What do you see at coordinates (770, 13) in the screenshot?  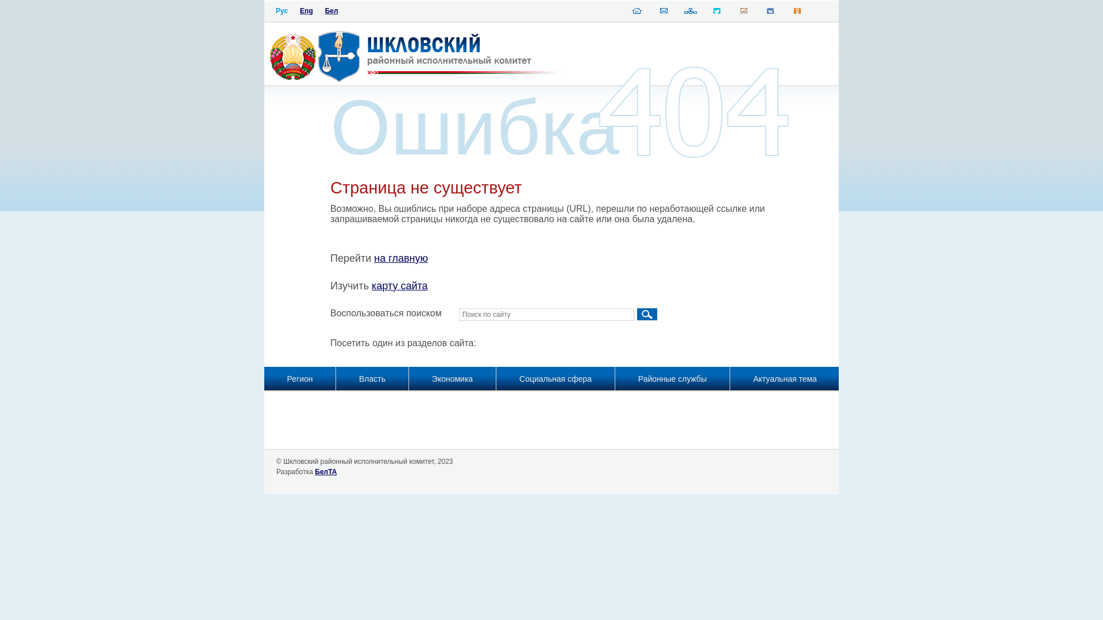 I see `'VK '` at bounding box center [770, 13].